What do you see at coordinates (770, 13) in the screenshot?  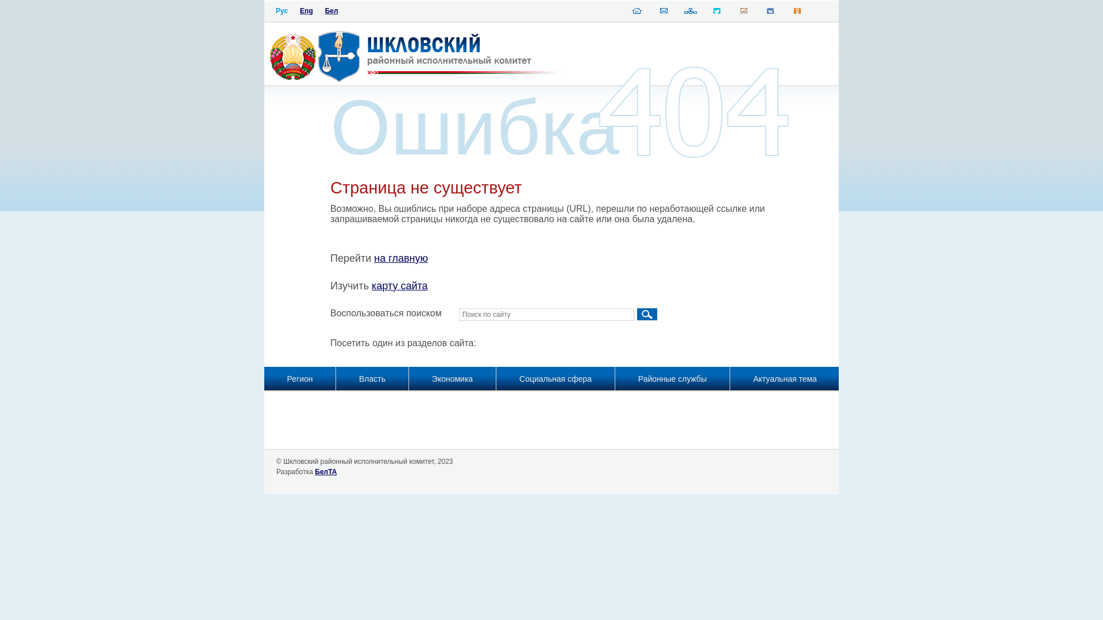 I see `'VK '` at bounding box center [770, 13].